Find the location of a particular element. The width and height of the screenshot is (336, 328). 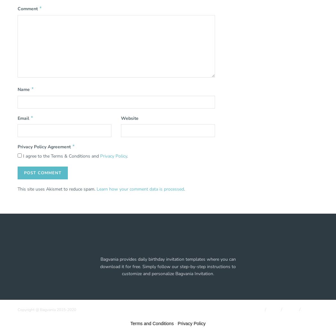

'Email' is located at coordinates (23, 118).